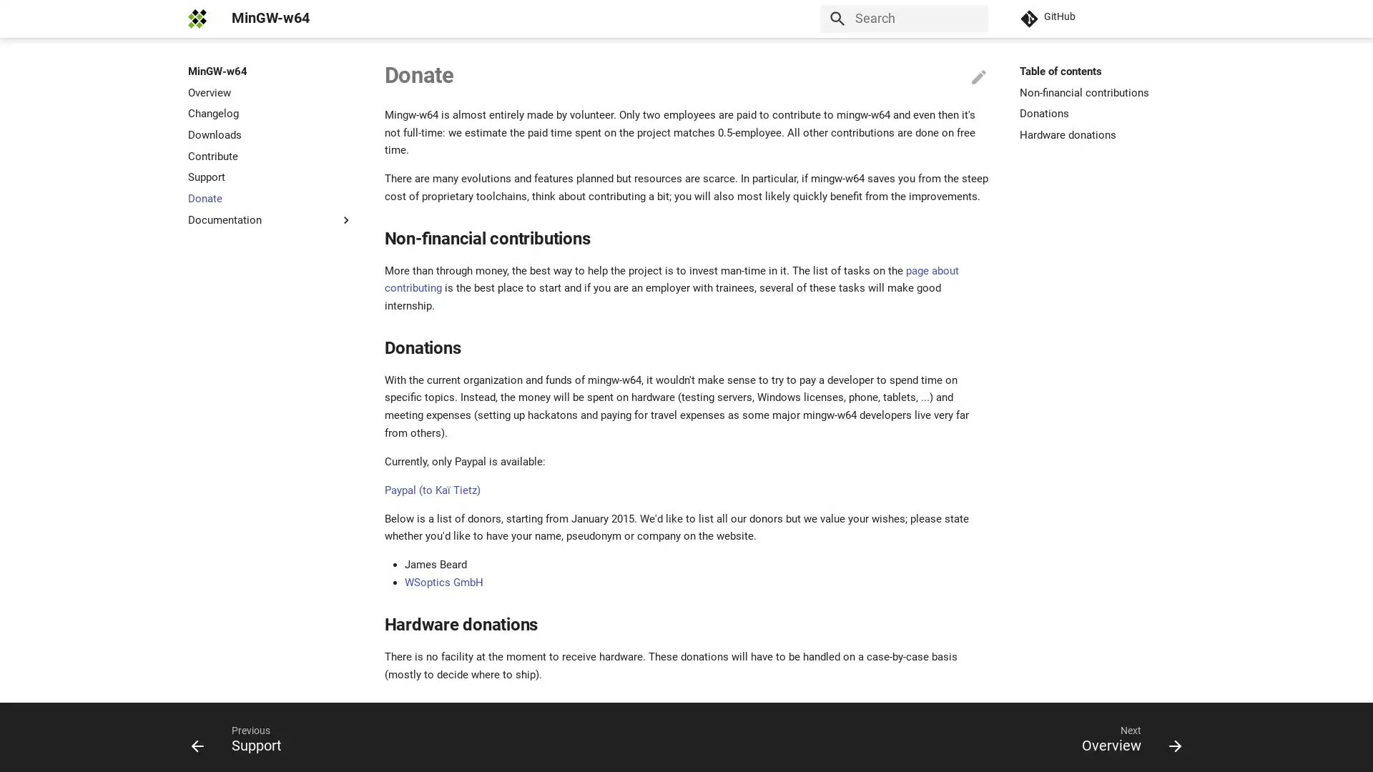 The image size is (1373, 772). Describe the element at coordinates (971, 19) in the screenshot. I see `Clear` at that location.